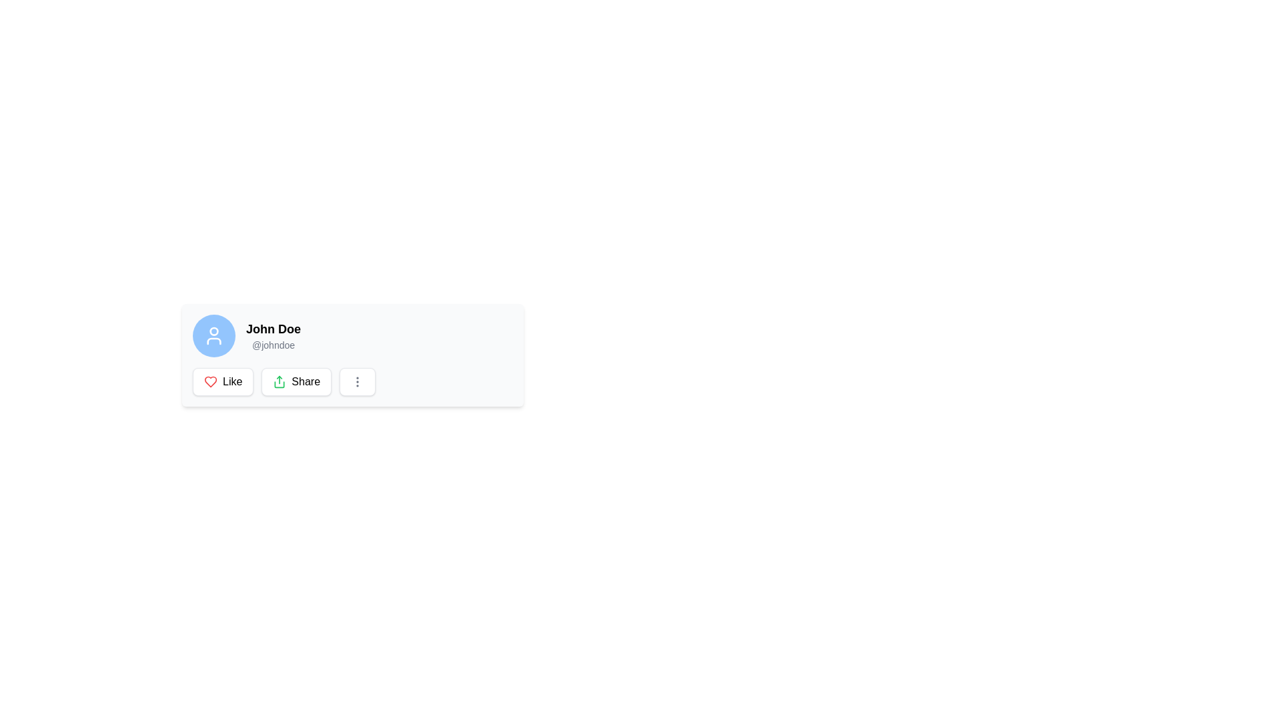  What do you see at coordinates (352, 382) in the screenshot?
I see `the menu button located within the action button group beneath the username 'John Doe'` at bounding box center [352, 382].